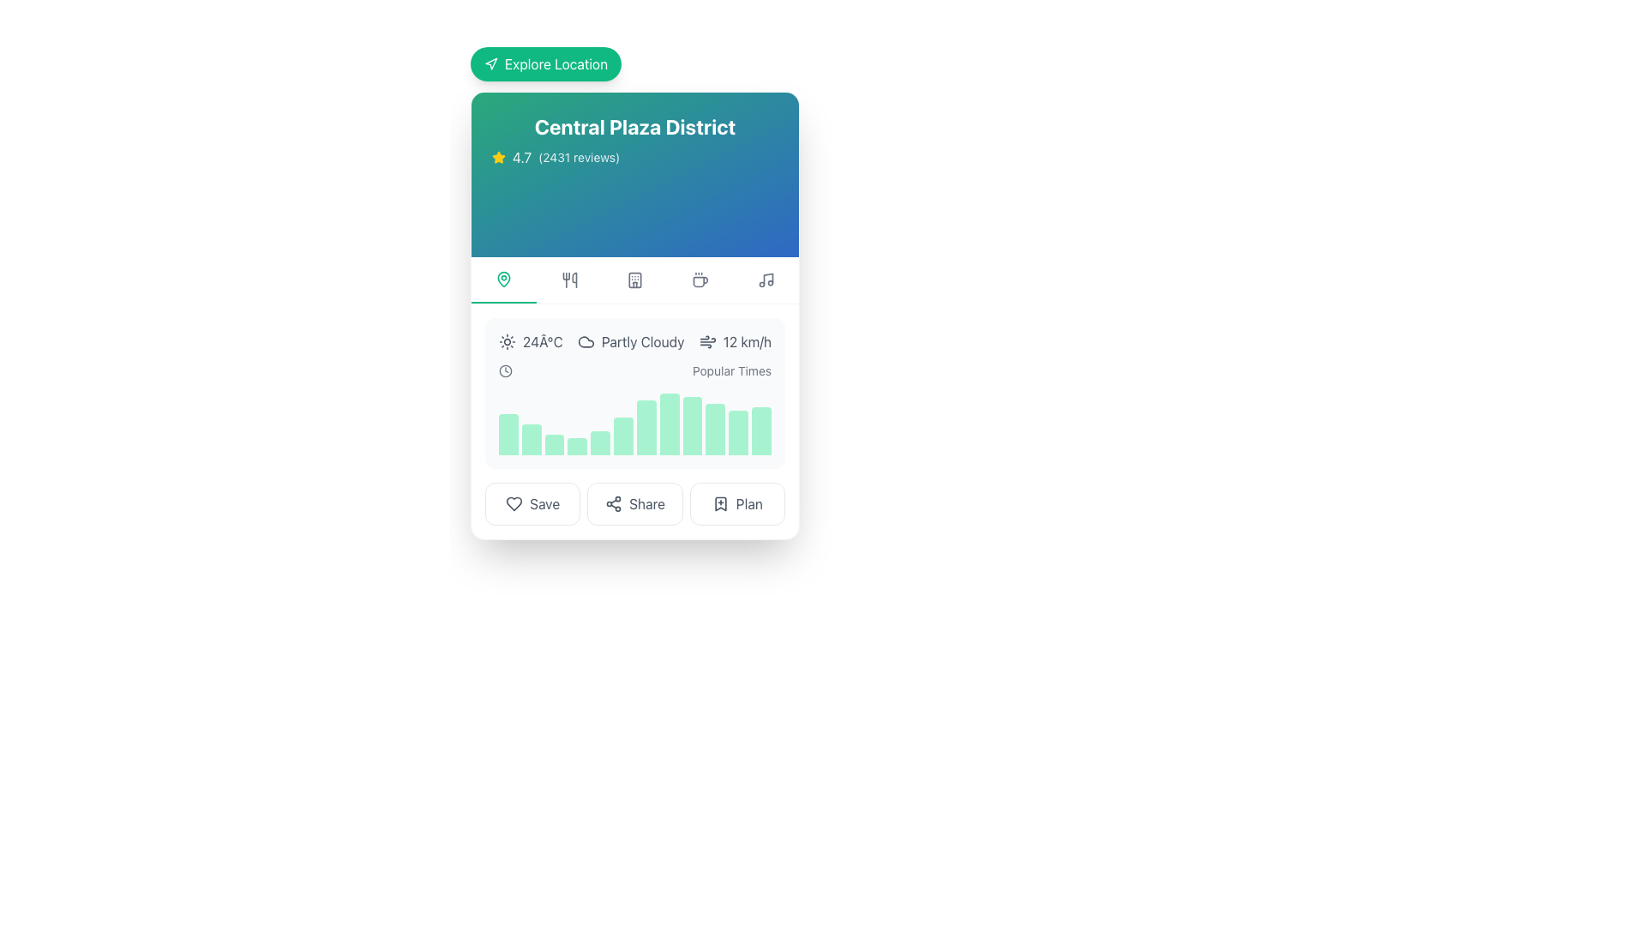  Describe the element at coordinates (506, 341) in the screenshot. I see `the sun icon, which is a small, minimalistic circular icon with rays extending outward, located leftmost in the weather content card near the temperature value '24°C'` at that location.